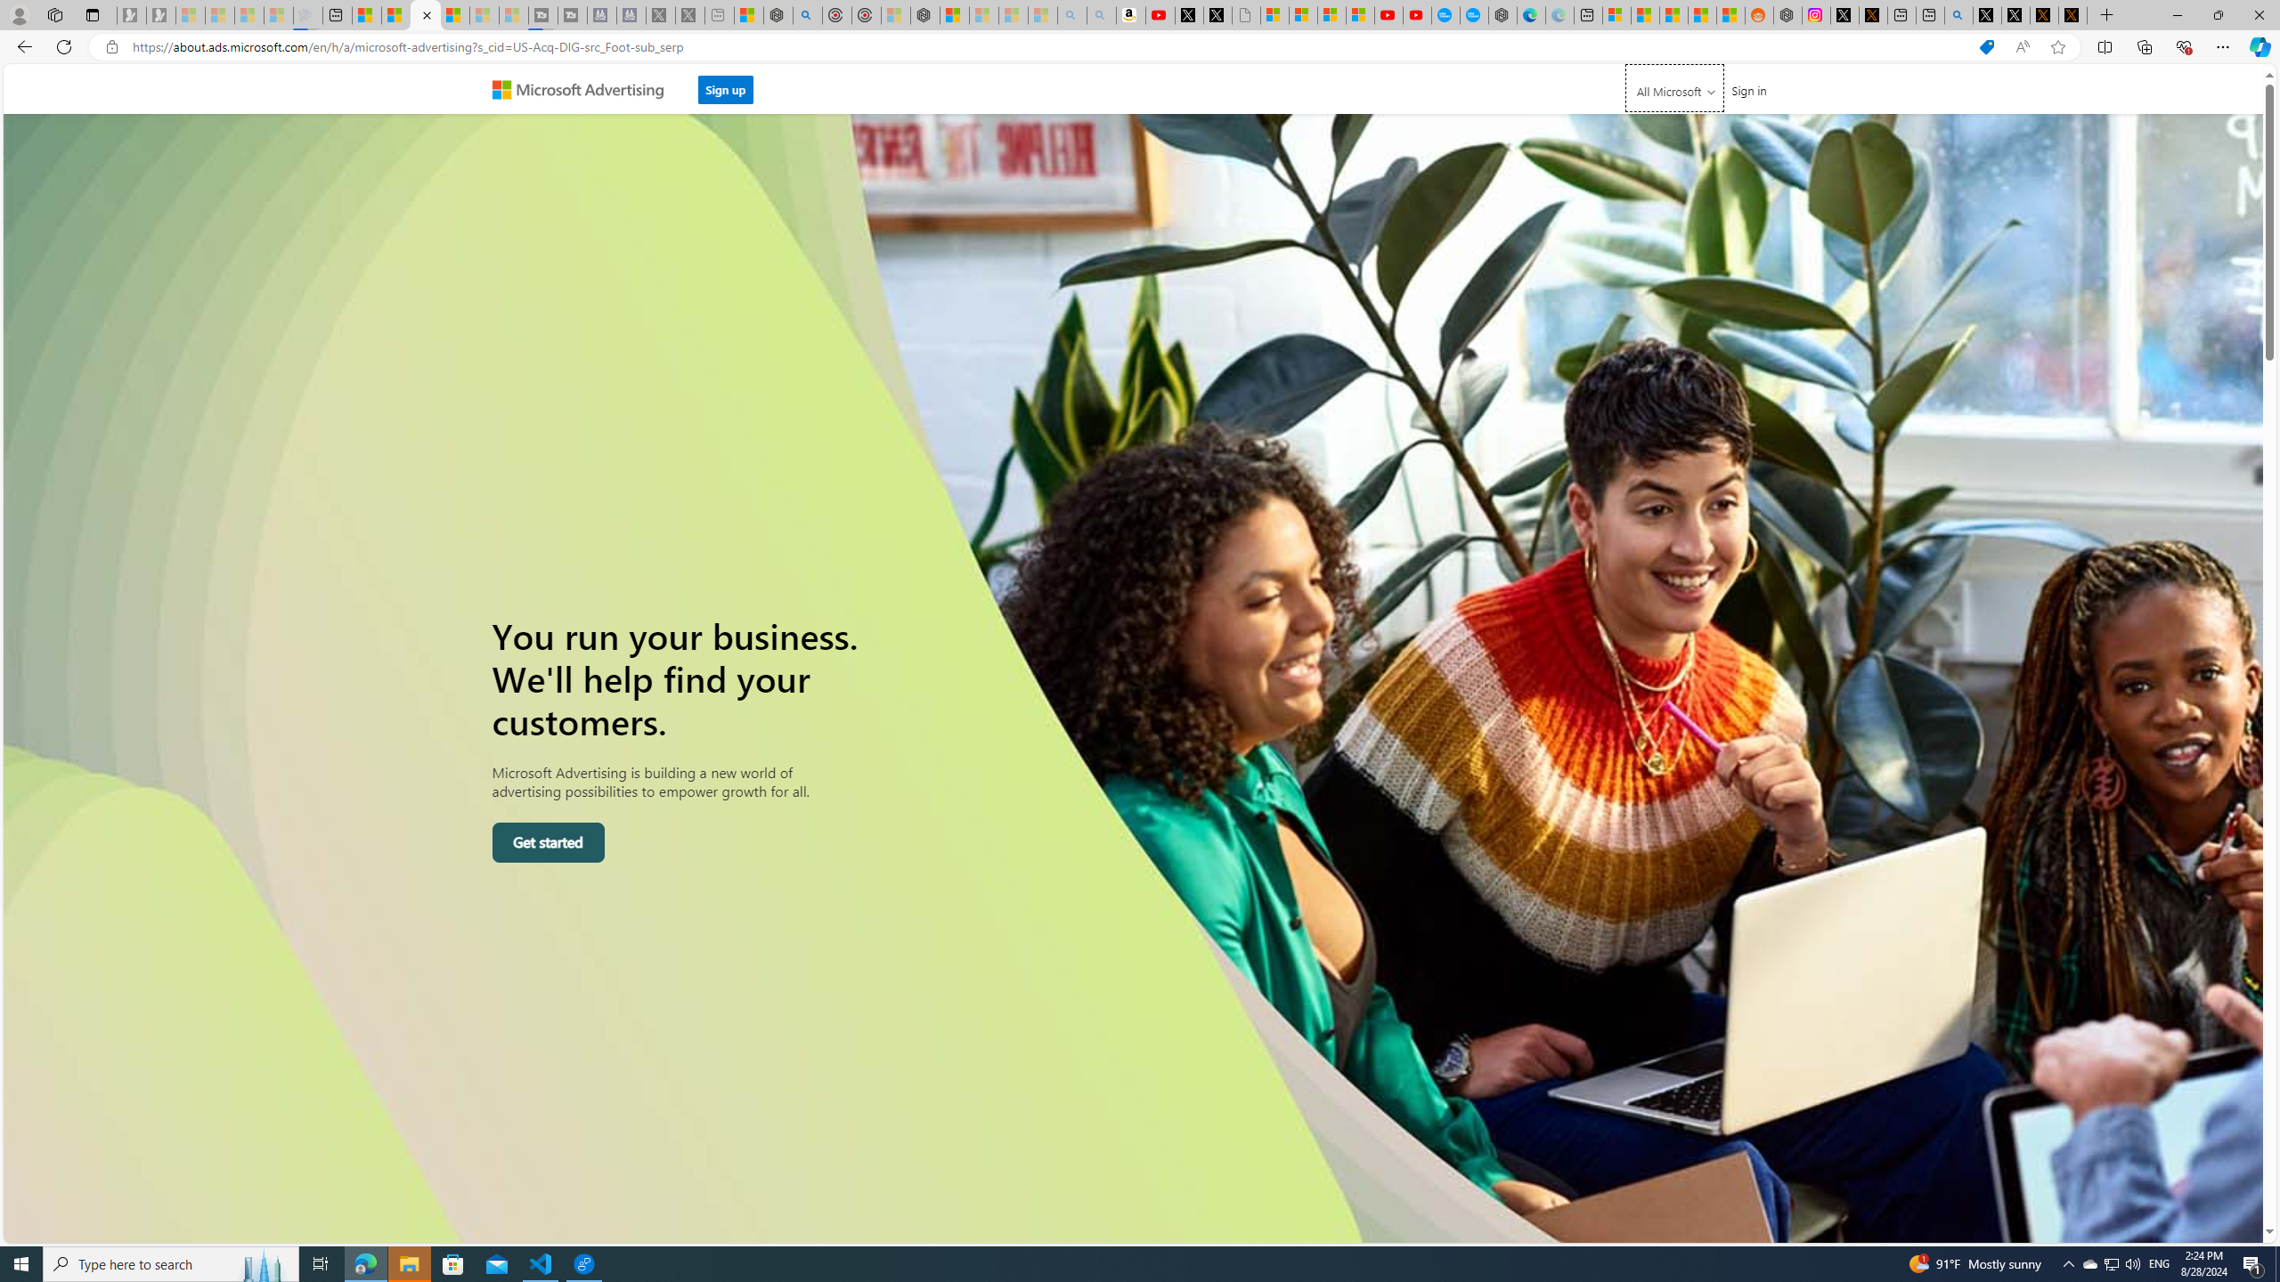 This screenshot has height=1282, width=2280. What do you see at coordinates (1474, 14) in the screenshot?
I see `'The most popular Google '` at bounding box center [1474, 14].